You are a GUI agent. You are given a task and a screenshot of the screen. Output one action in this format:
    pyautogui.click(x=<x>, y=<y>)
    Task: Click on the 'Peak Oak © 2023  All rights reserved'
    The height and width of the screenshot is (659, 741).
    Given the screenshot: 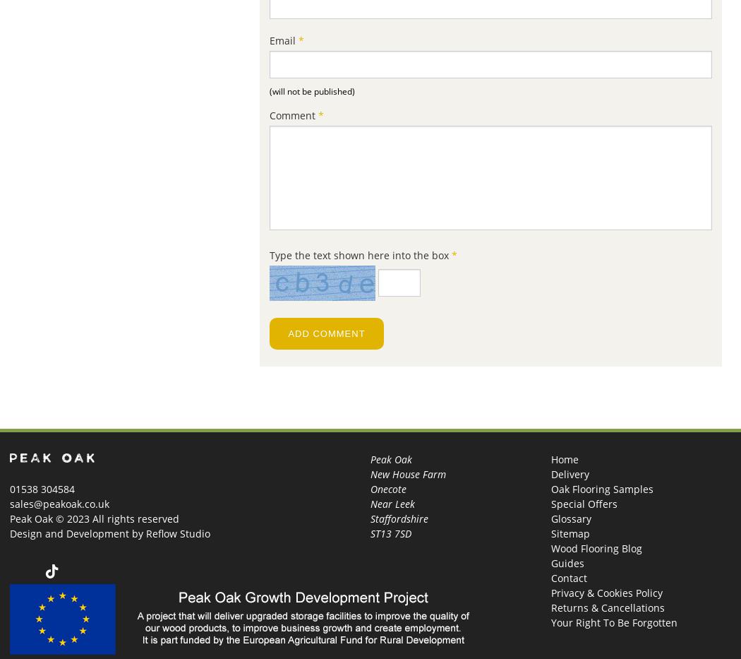 What is the action you would take?
    pyautogui.click(x=93, y=518)
    